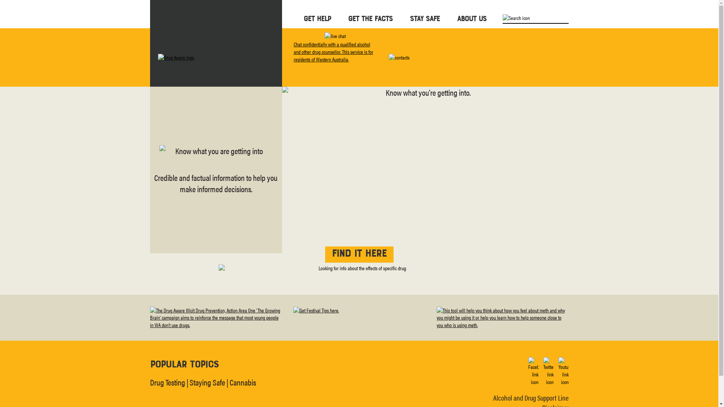 The image size is (724, 407). I want to click on 'Alcohol and Drug Support Line', so click(530, 397).